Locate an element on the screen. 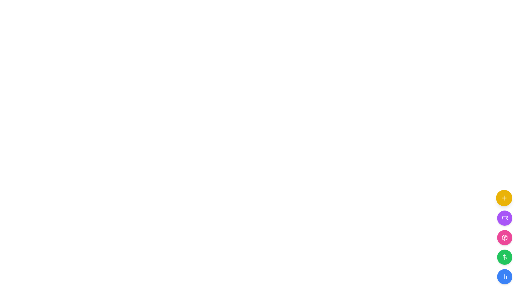 The height and width of the screenshot is (293, 521). the circular purple button with a white ticket-like icon is located at coordinates (504, 218).